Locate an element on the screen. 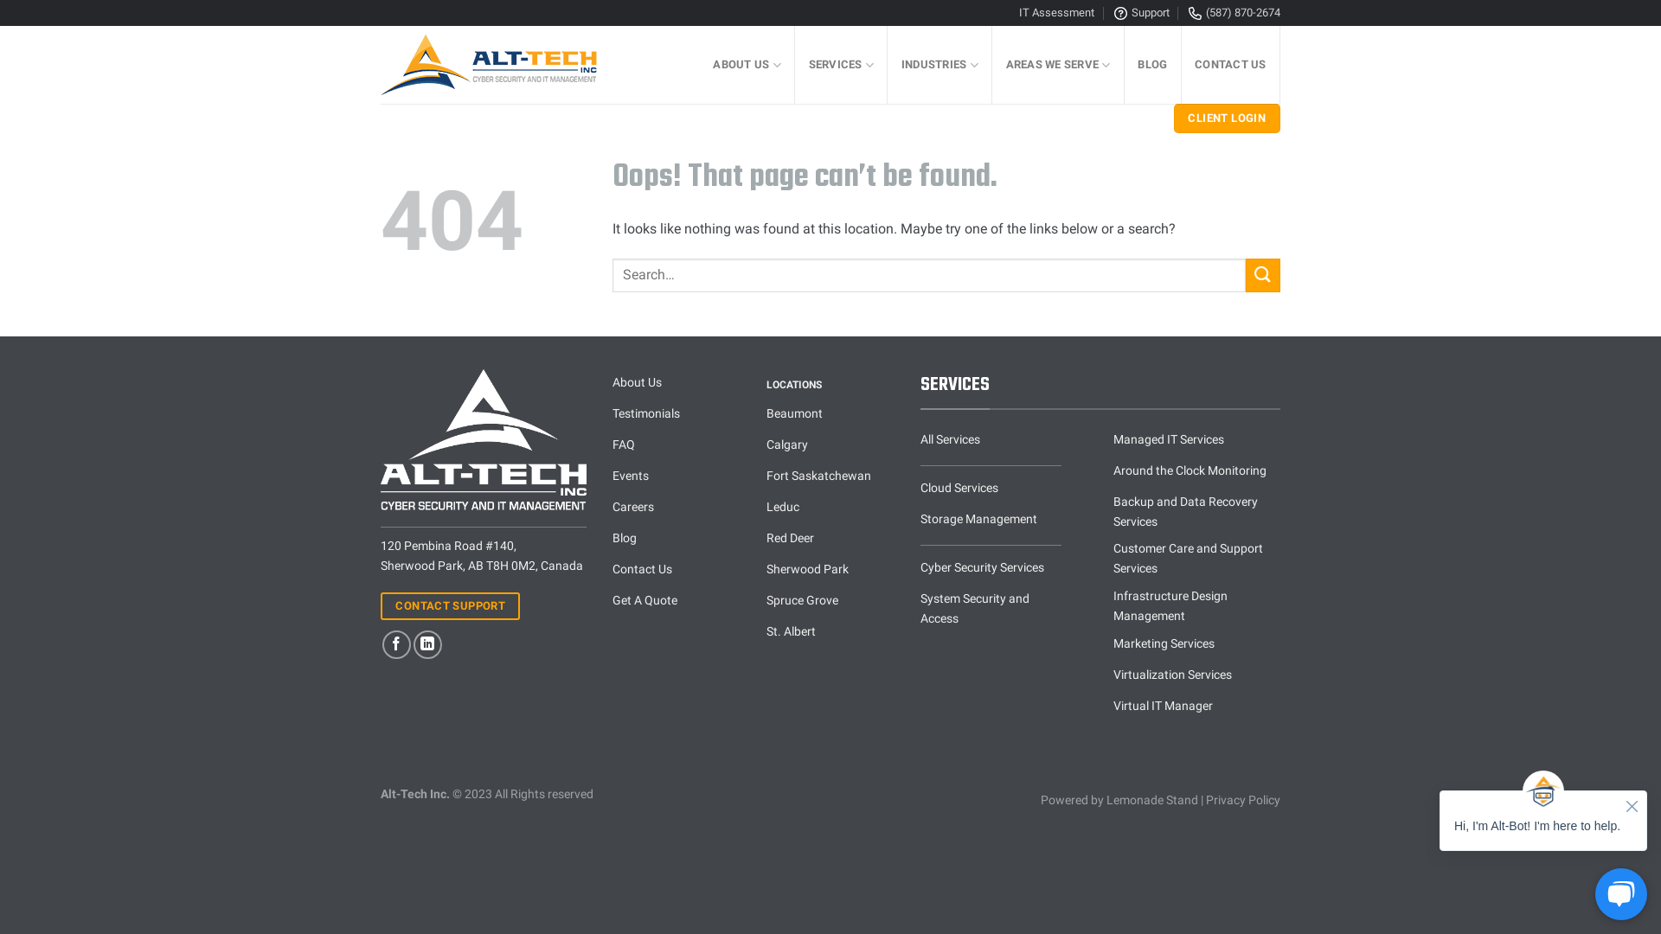 The width and height of the screenshot is (1661, 934). 'CONTACT US' is located at coordinates (1229, 63).